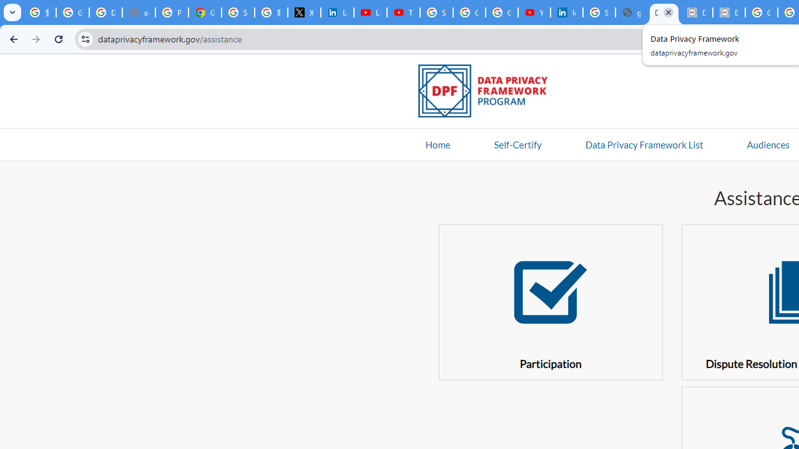 This screenshot has height=449, width=799. What do you see at coordinates (436, 12) in the screenshot?
I see `'Sign in - Google Accounts'` at bounding box center [436, 12].